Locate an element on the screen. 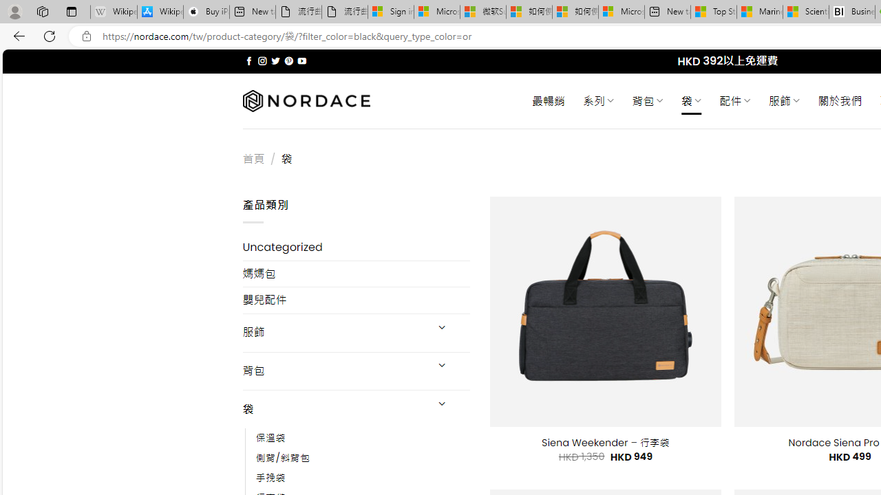 This screenshot has width=881, height=495. 'Follow on Twitter' is located at coordinates (275, 60).